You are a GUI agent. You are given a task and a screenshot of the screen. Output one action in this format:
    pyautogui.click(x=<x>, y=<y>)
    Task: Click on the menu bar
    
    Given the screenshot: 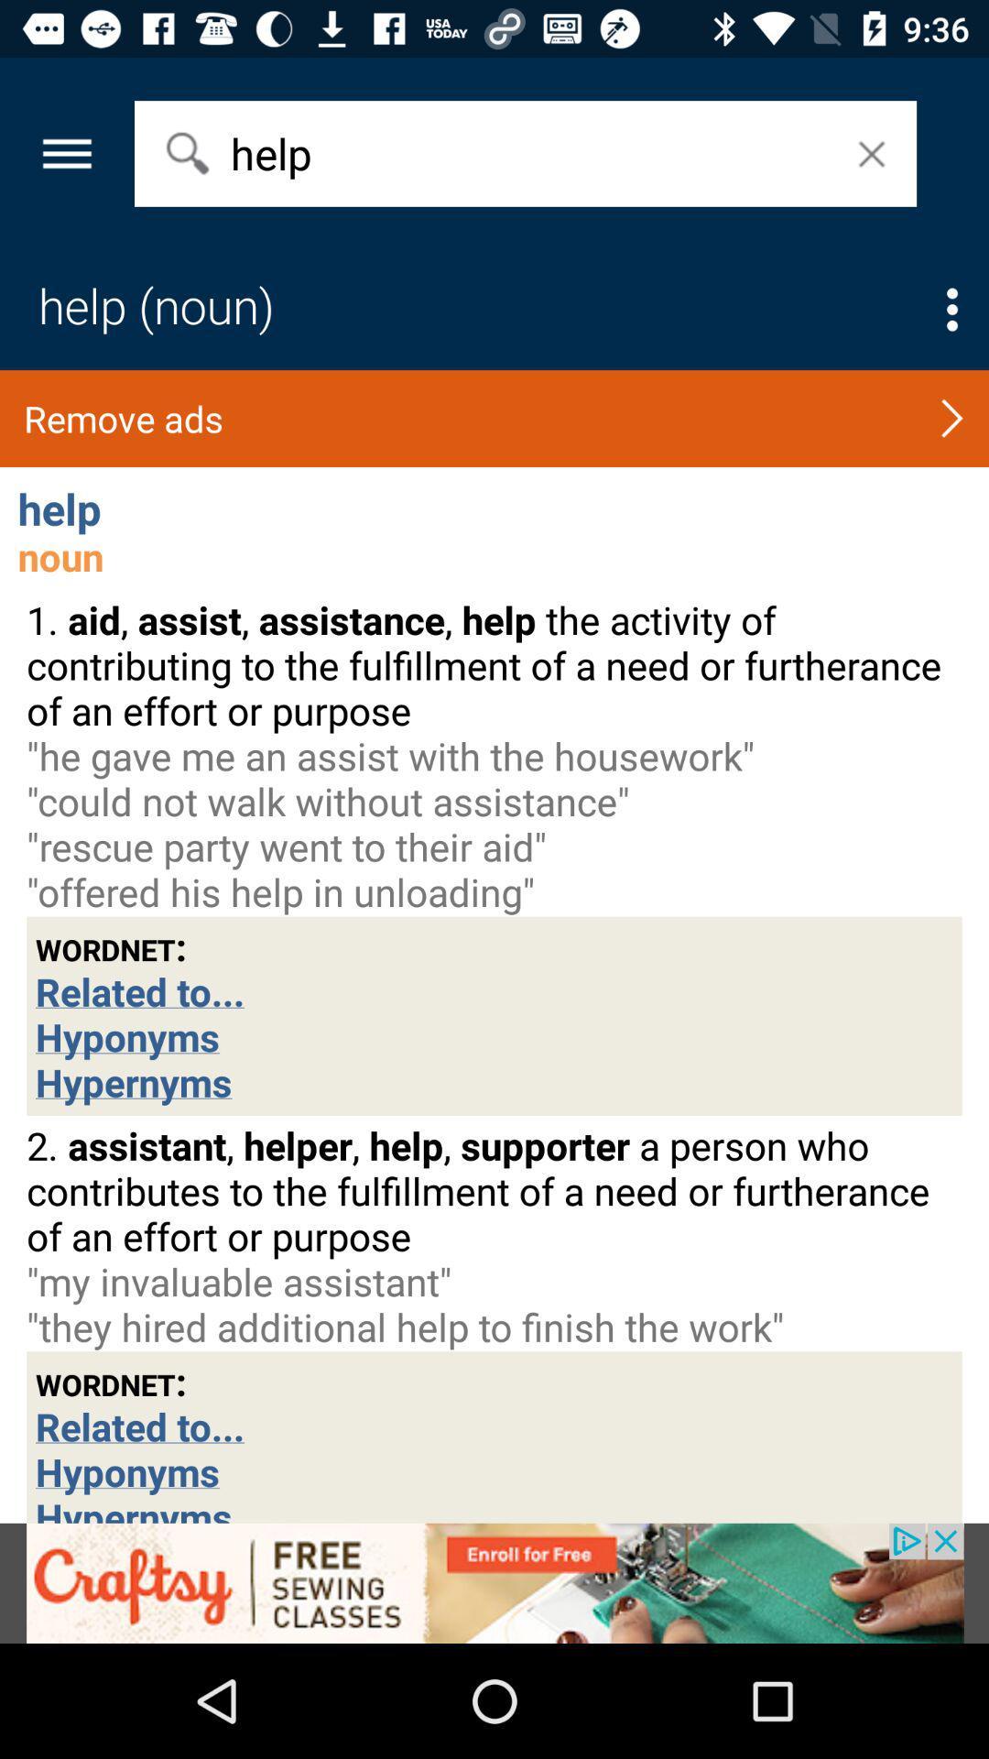 What is the action you would take?
    pyautogui.click(x=951, y=310)
    